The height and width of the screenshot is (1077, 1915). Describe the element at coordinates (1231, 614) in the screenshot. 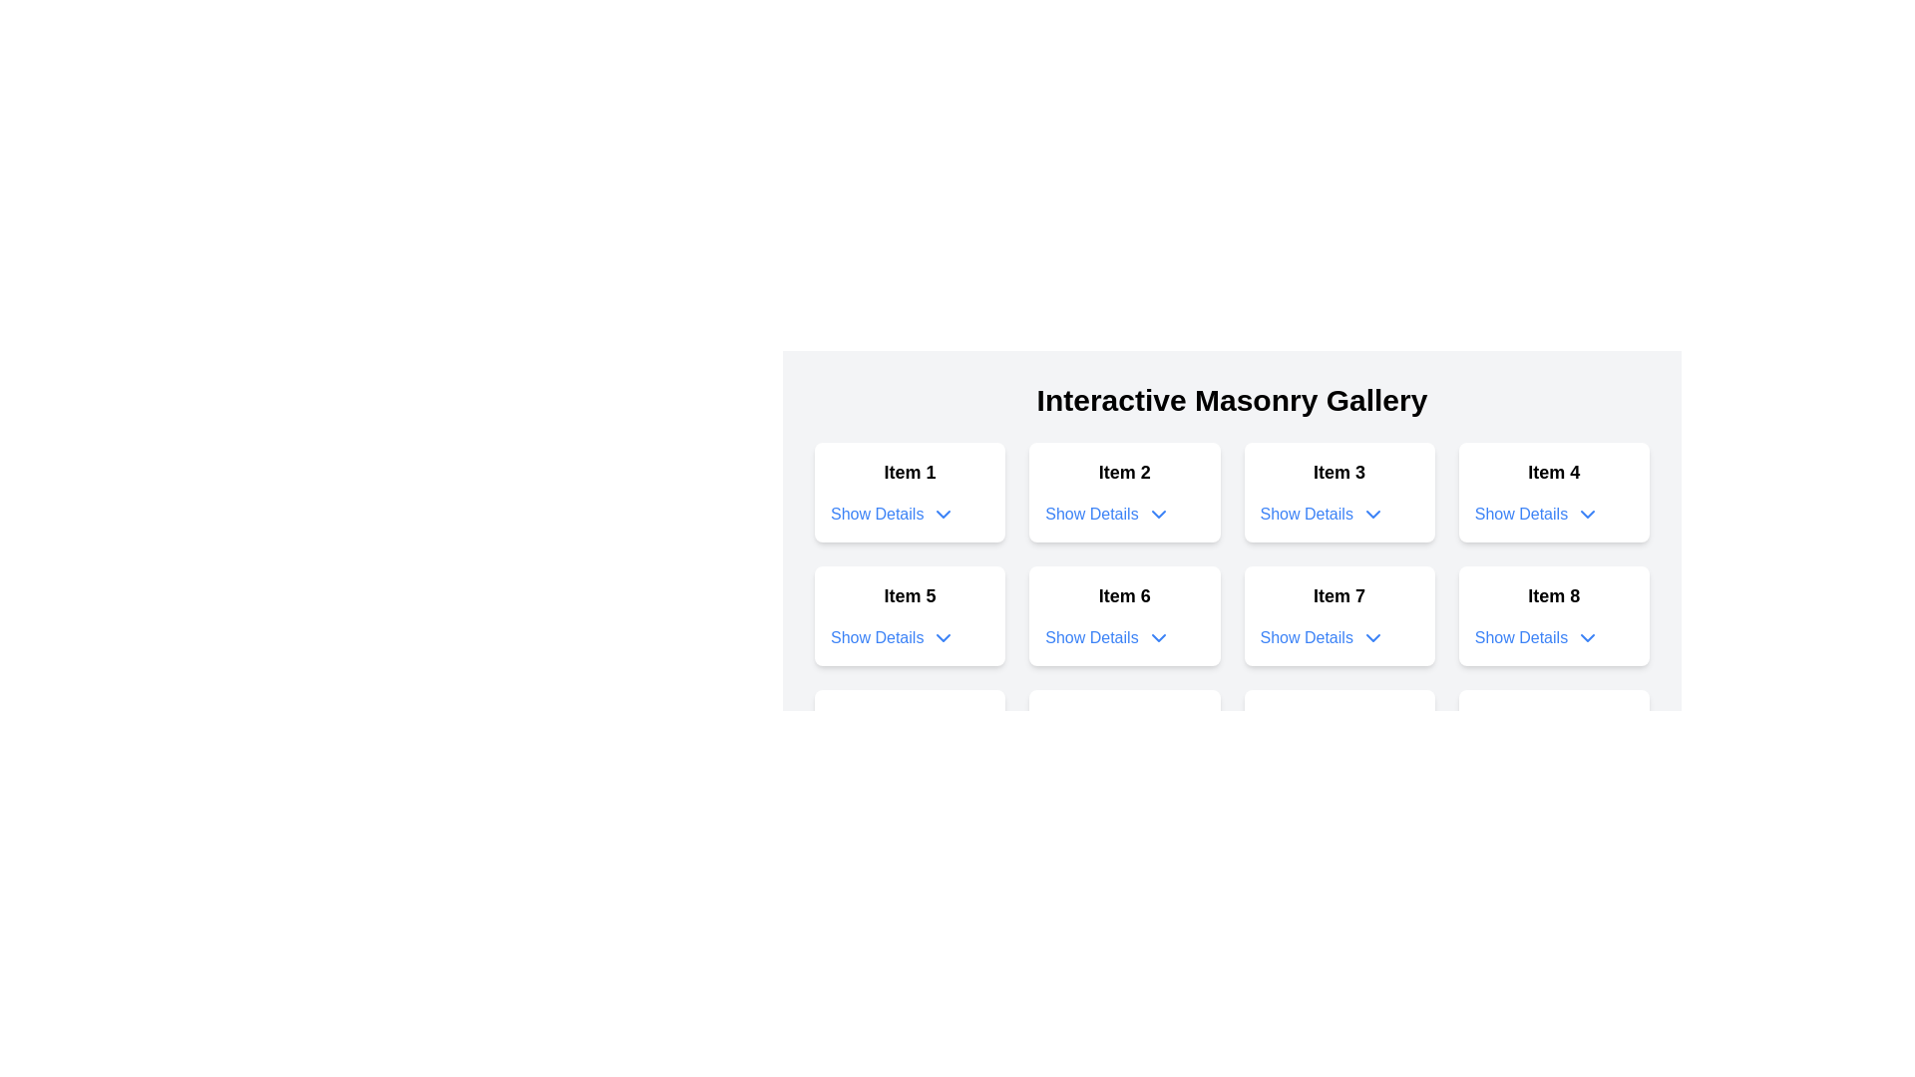

I see `the 'Show Details' link of the grid item titled 'Item 6' located in the third row and second column of the interactive masonry gallery` at that location.